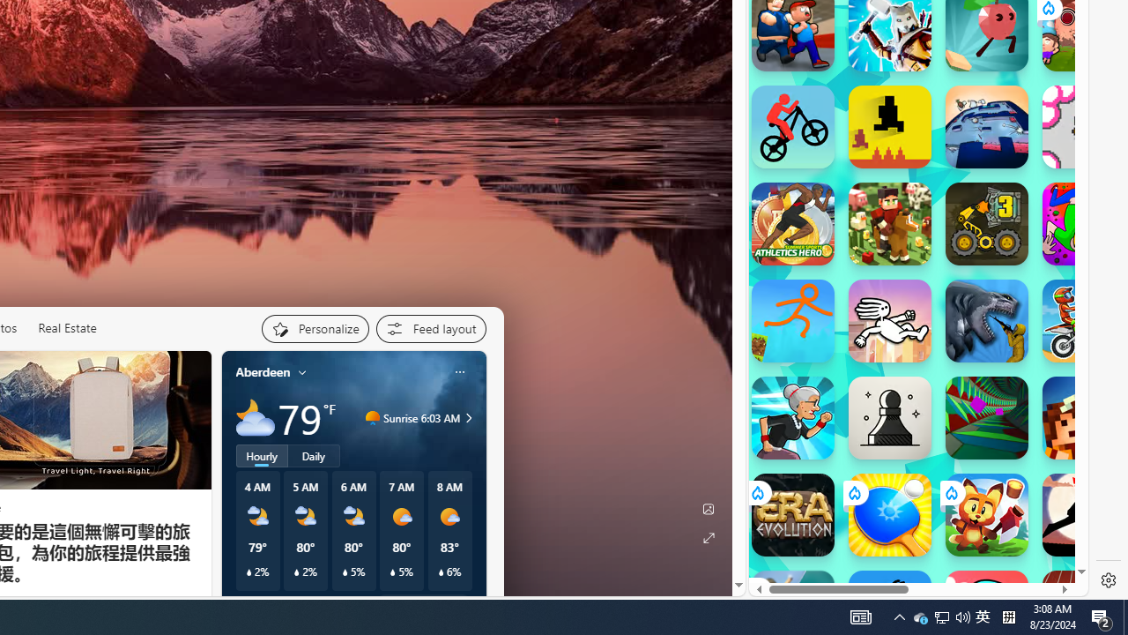  I want to click on 'Combat Reloaded Combat Reloaded poki.com', so click(962, 246).